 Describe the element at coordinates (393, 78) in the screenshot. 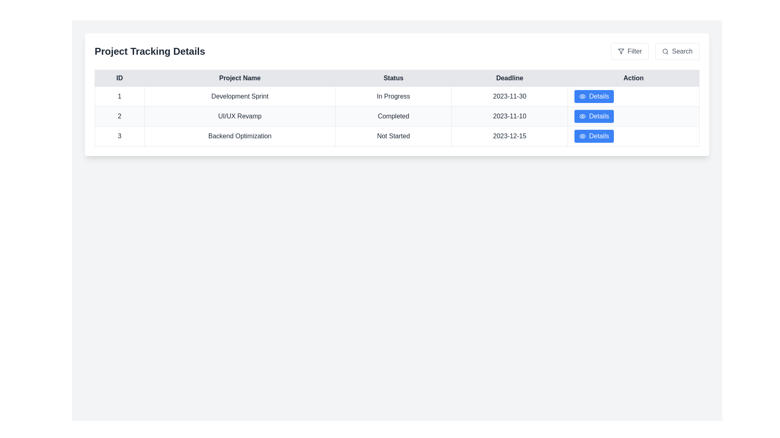

I see `the 'Status' table column header, which is the third header in a data table with five headers: 'ID', 'Project Name', 'Status', 'Deadline', and 'Action'. It features bold, center-aligned text and is located at the top of the table` at that location.